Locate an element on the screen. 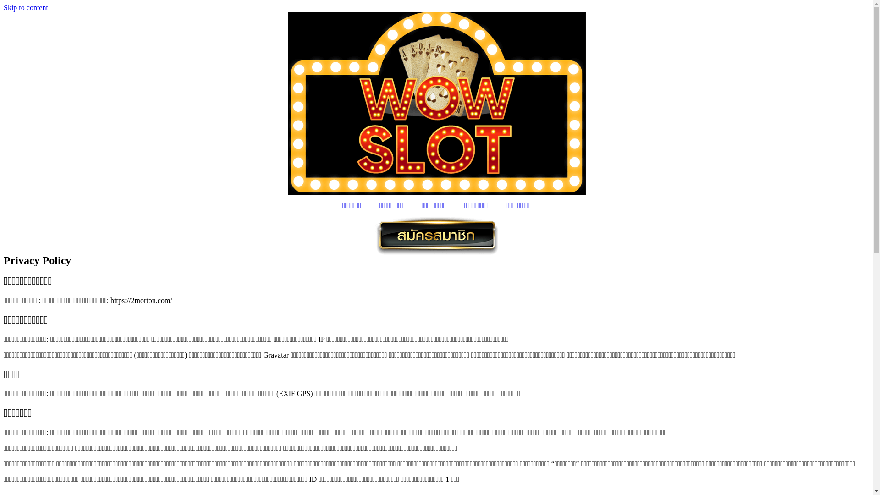  'Skip to content' is located at coordinates (4, 7).